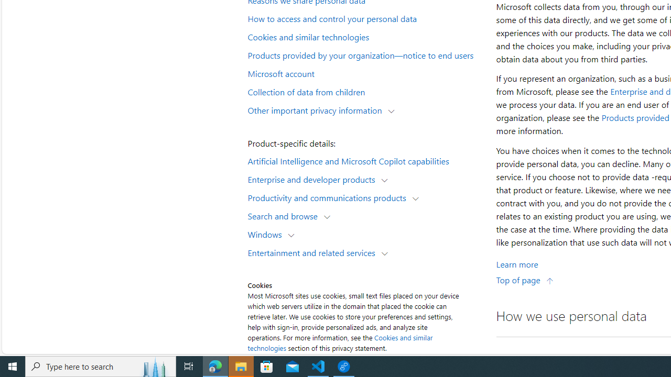  What do you see at coordinates (329, 197) in the screenshot?
I see `'Productivity and communications products'` at bounding box center [329, 197].